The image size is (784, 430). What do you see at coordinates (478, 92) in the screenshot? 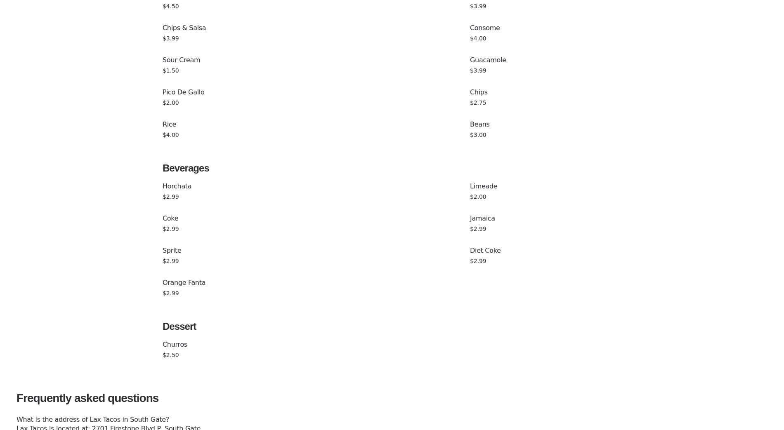
I see `'Chips'` at bounding box center [478, 92].